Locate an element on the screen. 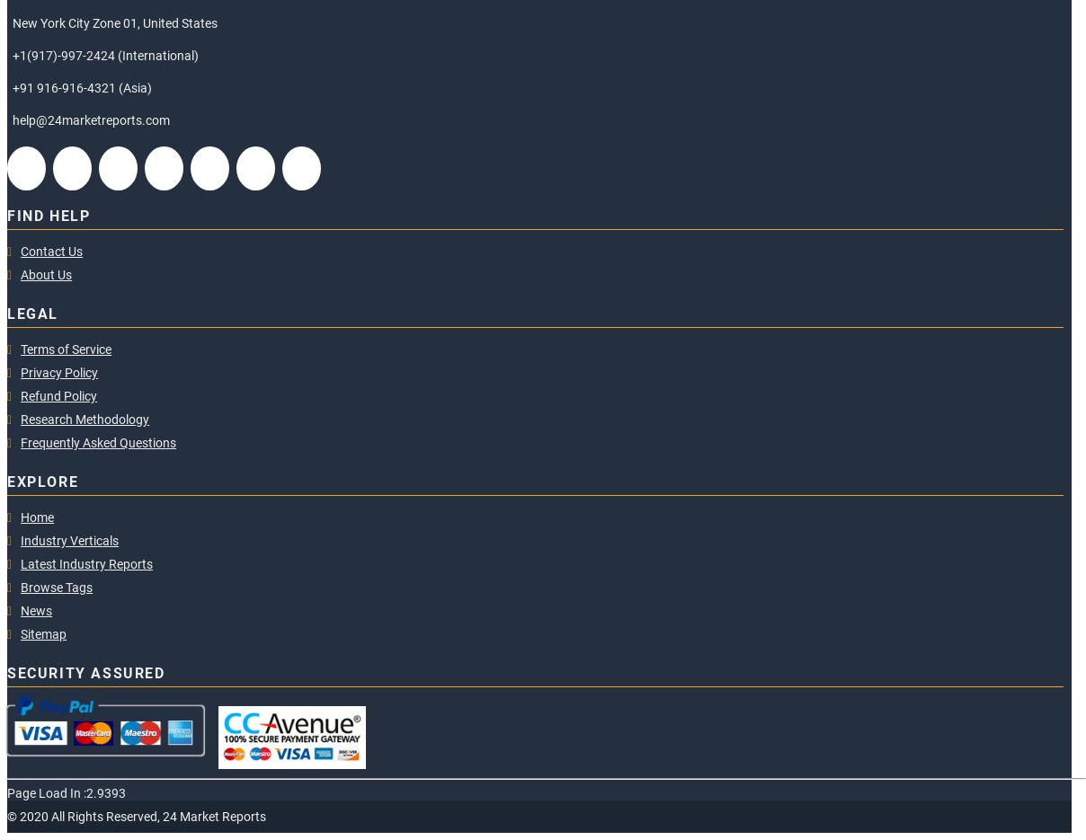 This screenshot has width=1086, height=840. 'Home' is located at coordinates (36, 517).